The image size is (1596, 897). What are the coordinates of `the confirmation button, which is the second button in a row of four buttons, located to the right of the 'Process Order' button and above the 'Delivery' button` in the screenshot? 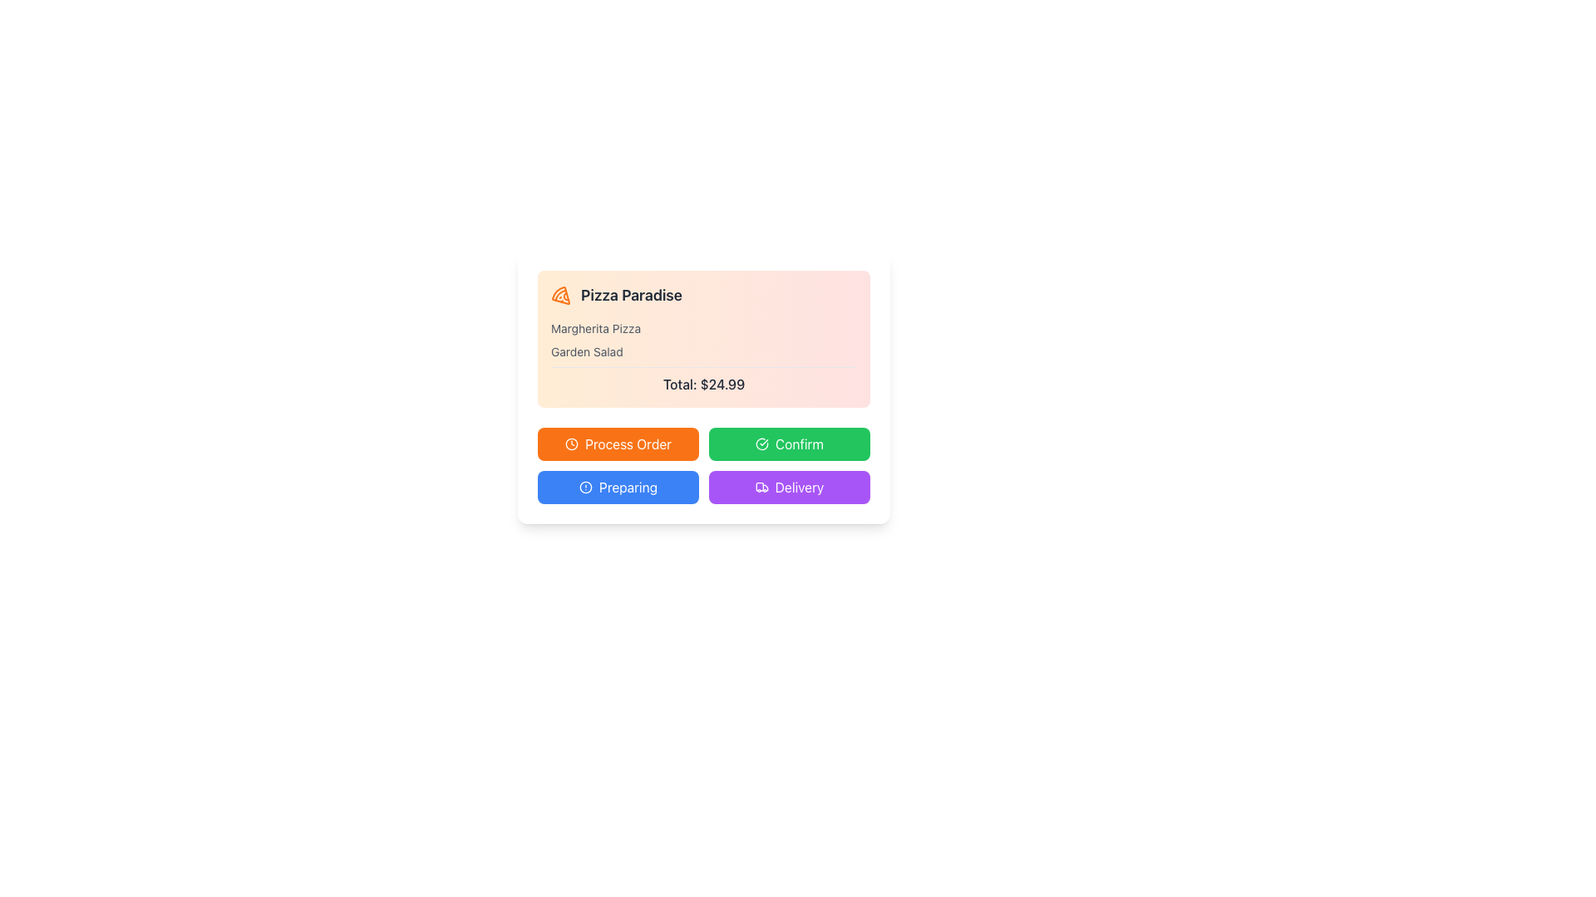 It's located at (789, 444).